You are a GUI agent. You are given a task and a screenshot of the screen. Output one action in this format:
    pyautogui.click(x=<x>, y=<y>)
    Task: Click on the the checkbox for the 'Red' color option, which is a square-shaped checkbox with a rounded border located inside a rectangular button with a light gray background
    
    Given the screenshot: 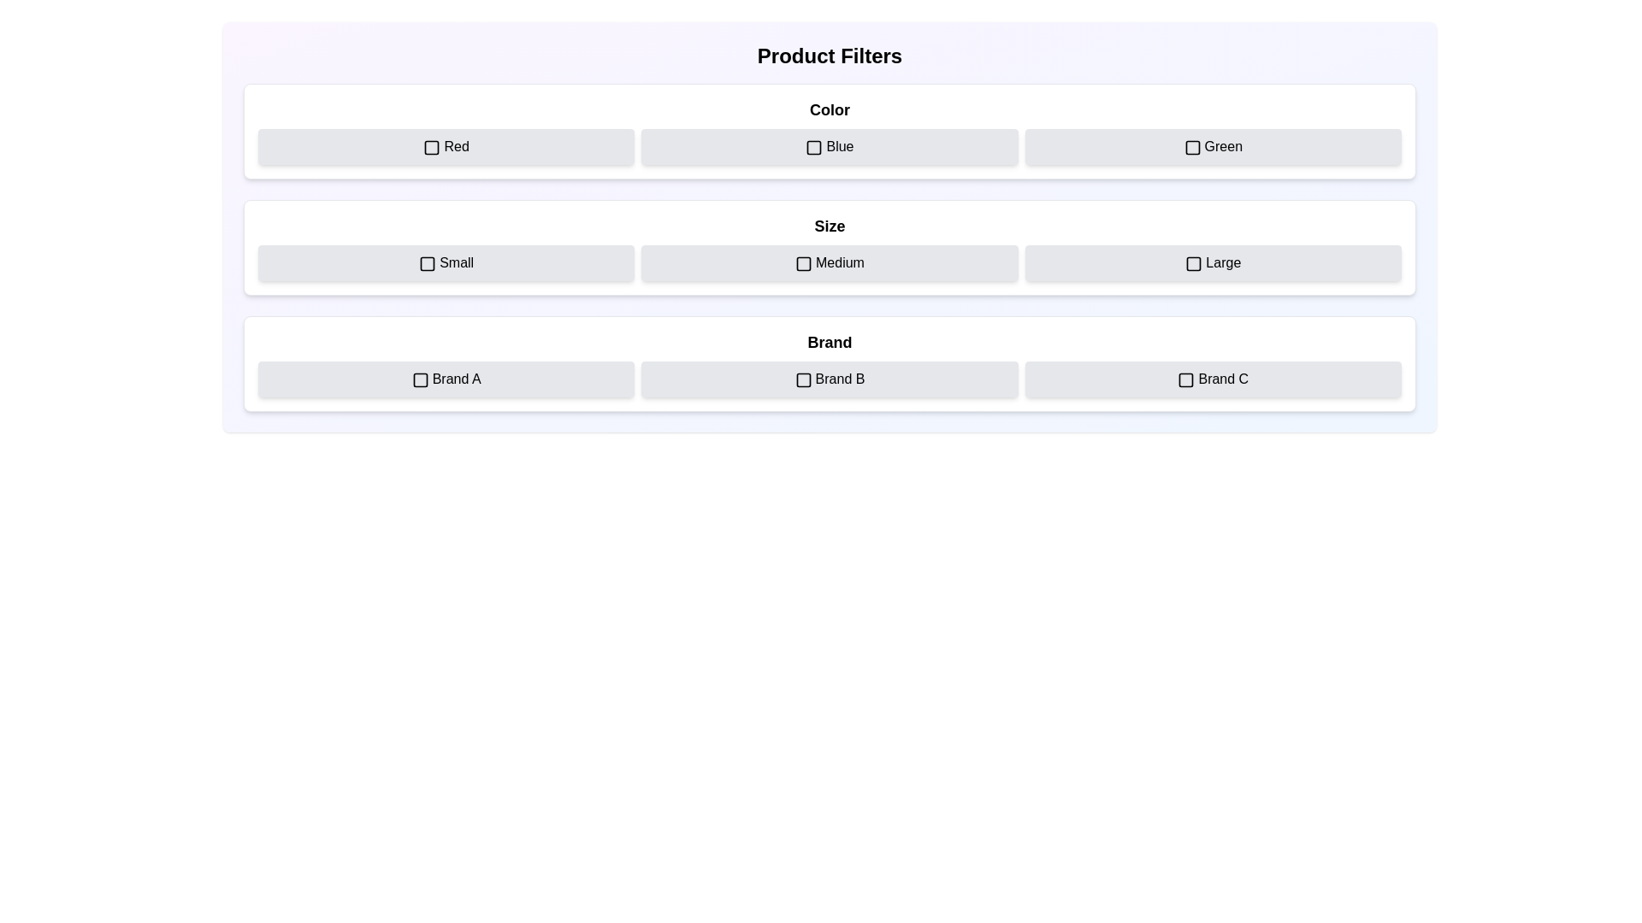 What is the action you would take?
    pyautogui.click(x=432, y=146)
    